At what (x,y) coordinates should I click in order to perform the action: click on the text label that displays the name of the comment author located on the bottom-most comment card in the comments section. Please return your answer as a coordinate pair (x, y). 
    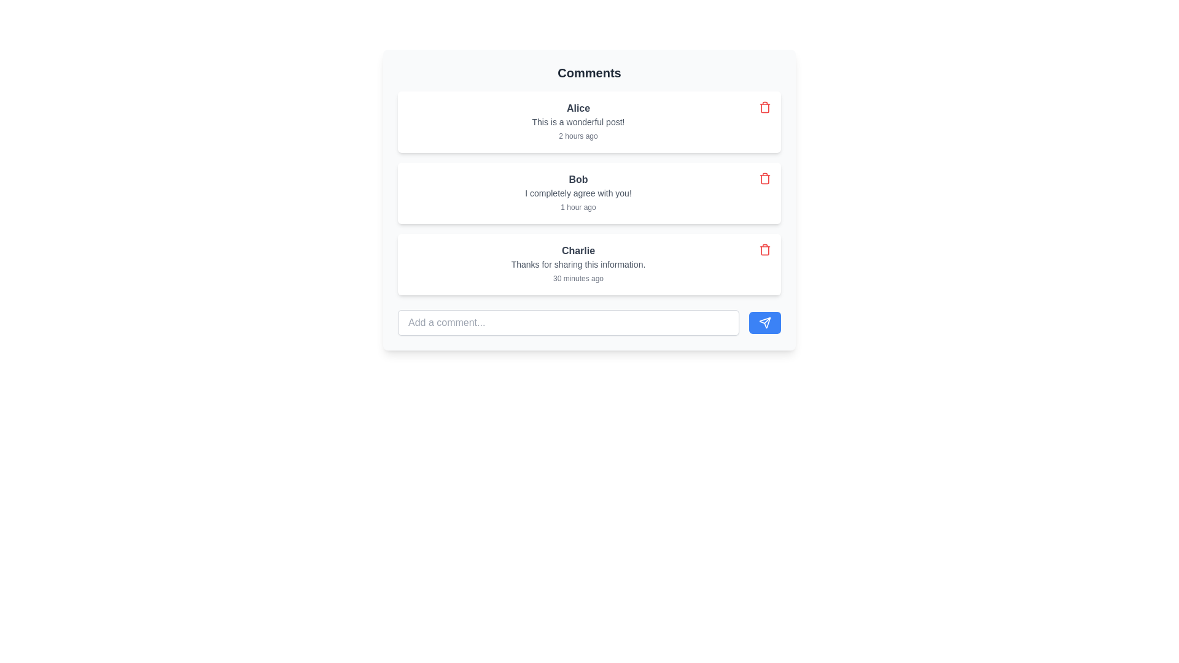
    Looking at the image, I should click on (577, 250).